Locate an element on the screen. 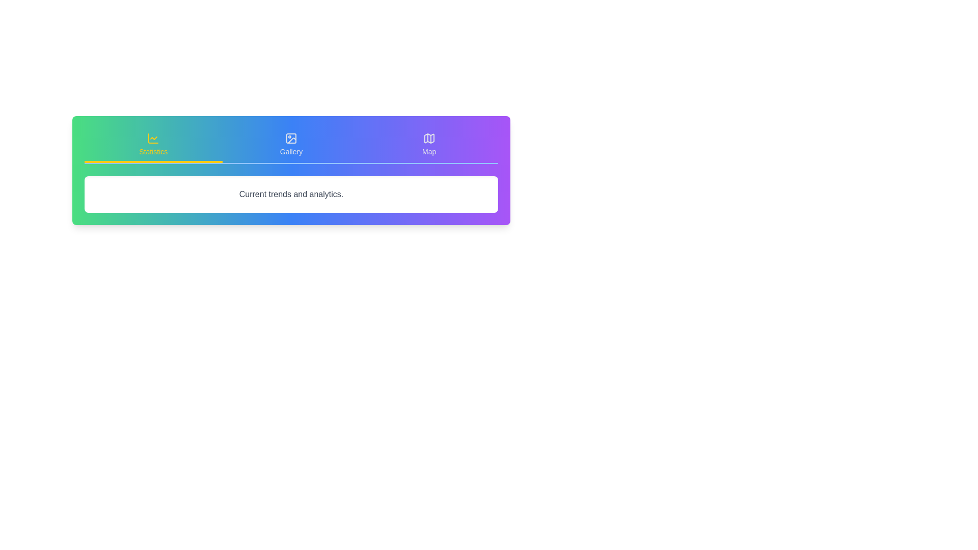 The image size is (978, 550). the icon of the Gallery tab to interact with it is located at coordinates (290, 139).